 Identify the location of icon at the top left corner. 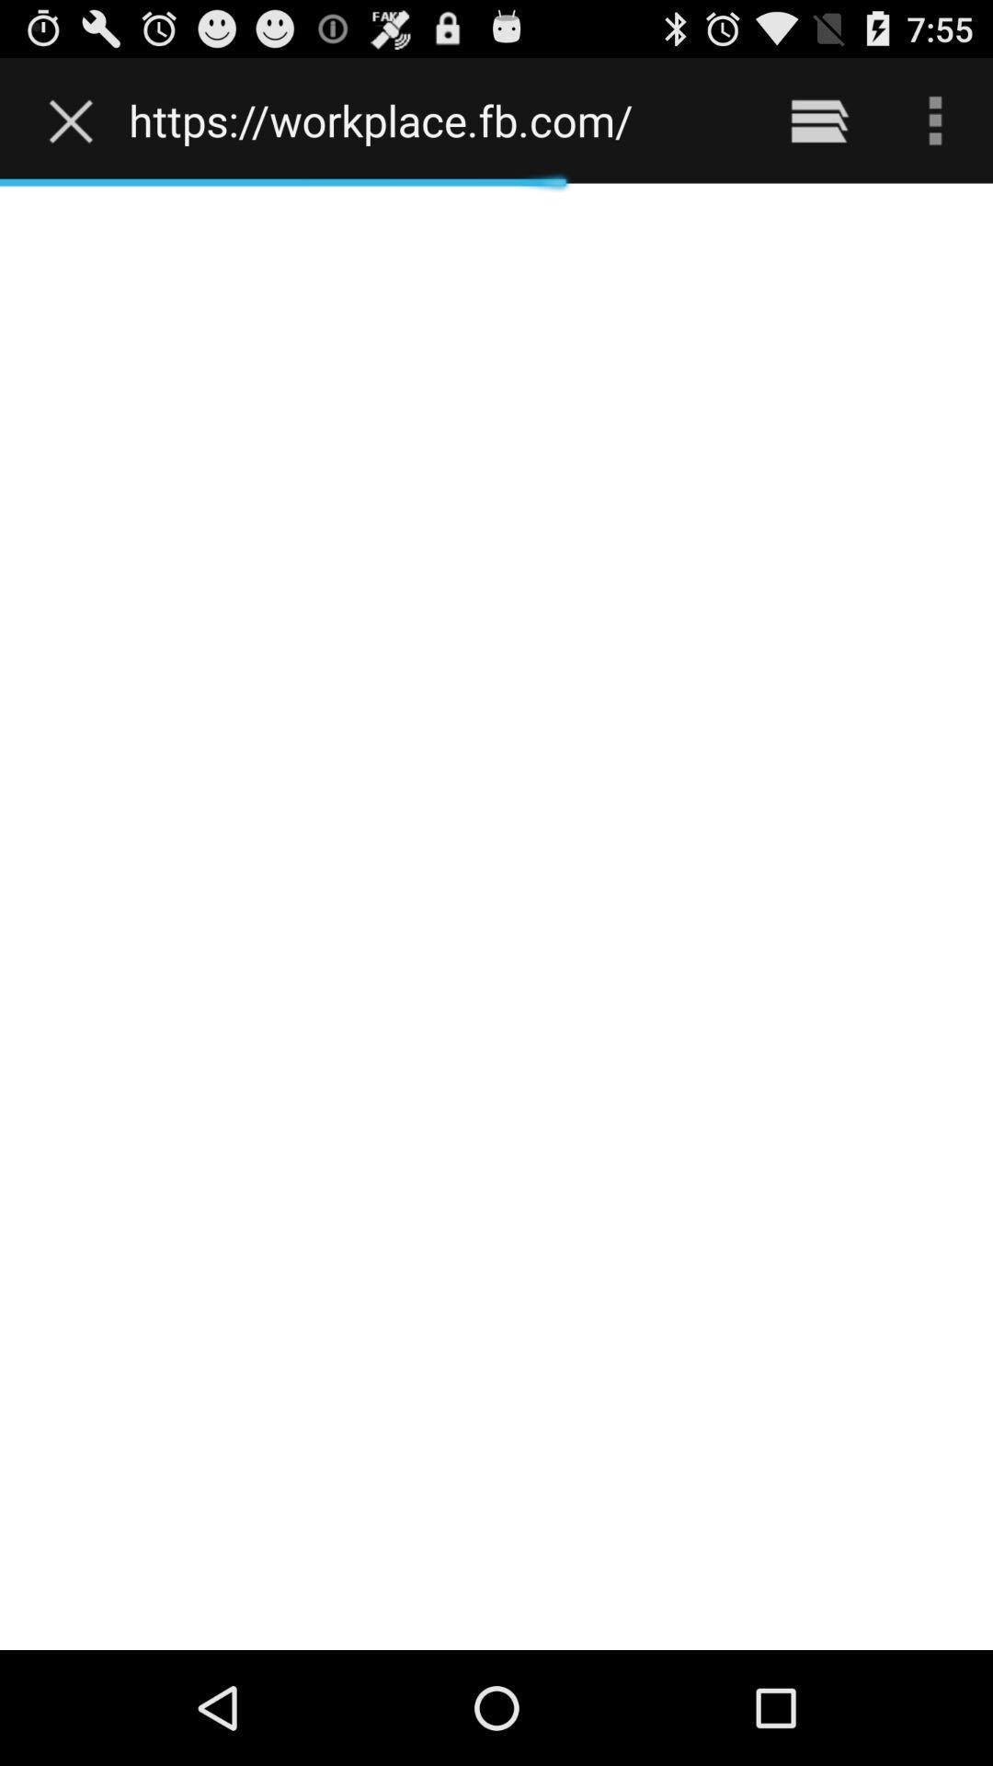
(74, 120).